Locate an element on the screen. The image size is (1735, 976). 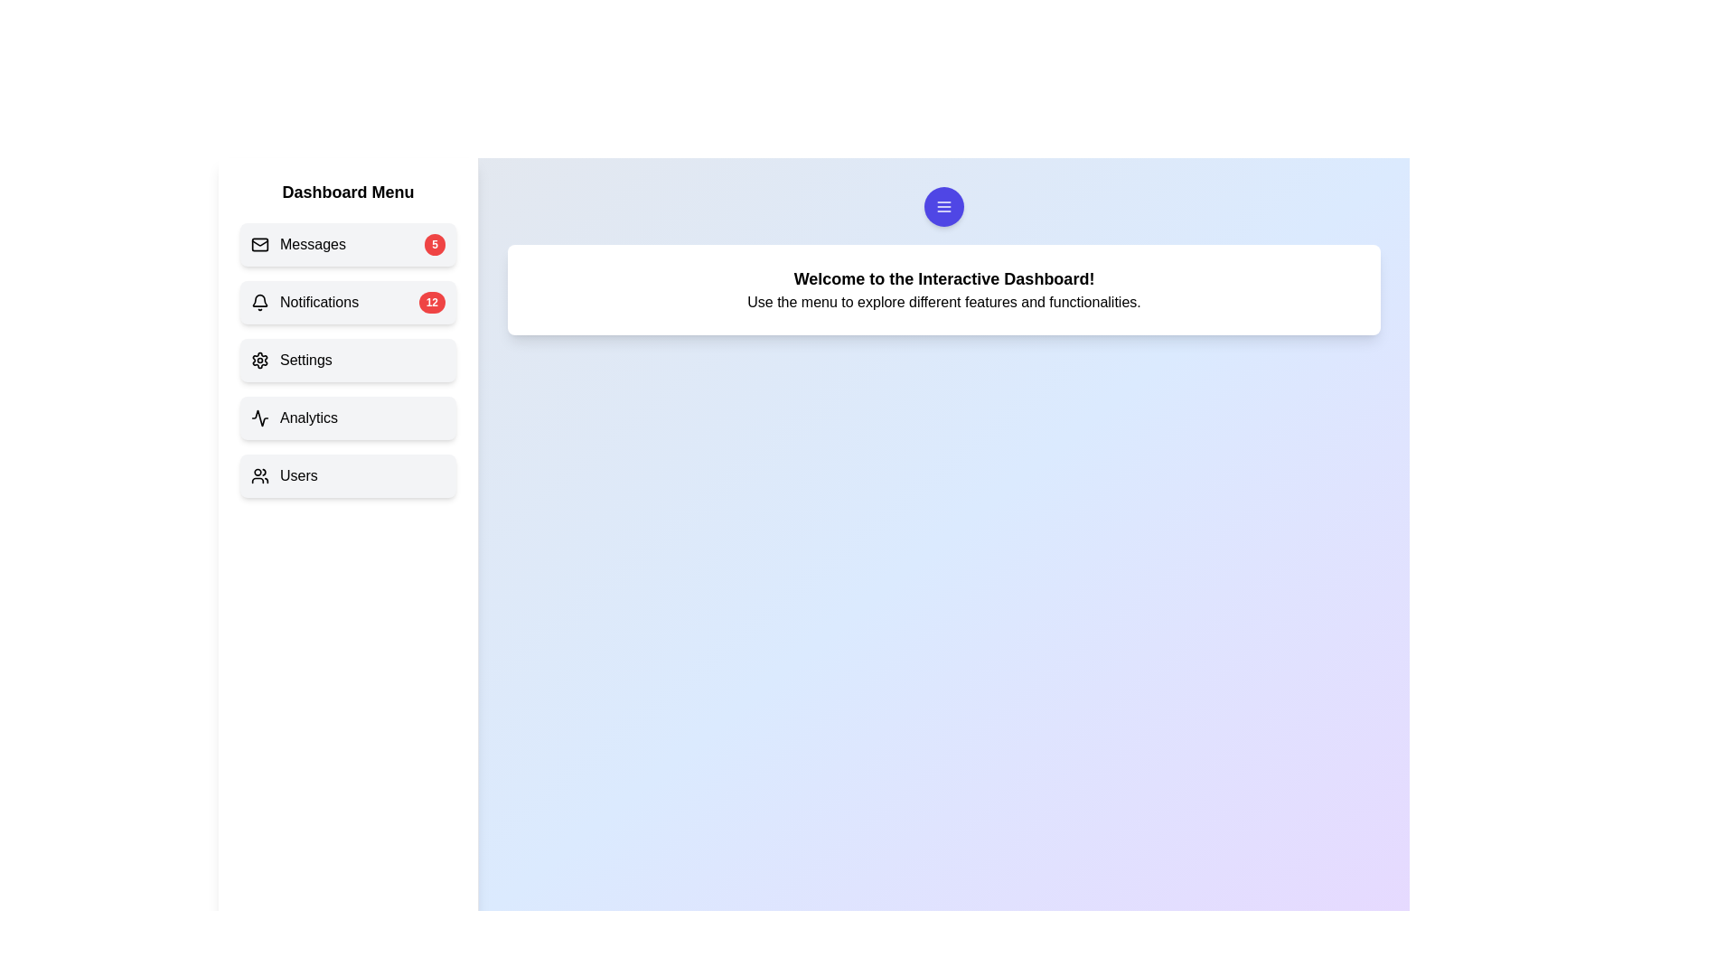
the menu item Notifications to navigate to its respective section is located at coordinates (348, 302).